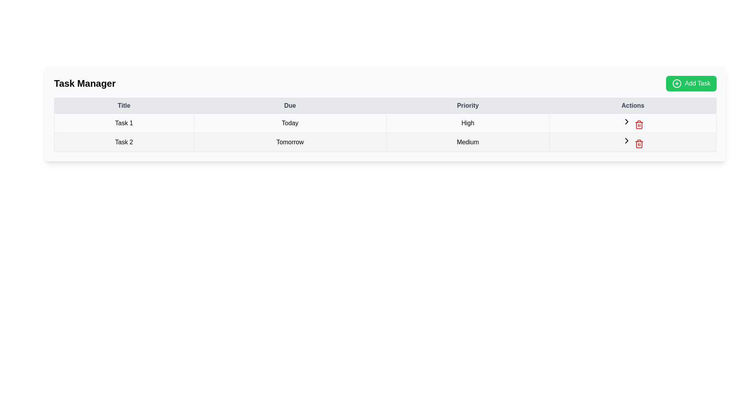 This screenshot has width=747, height=420. What do you see at coordinates (289, 122) in the screenshot?
I see `the second cell in the 'Due' column for 'Task 1', which indicates the due date associated with the task` at bounding box center [289, 122].